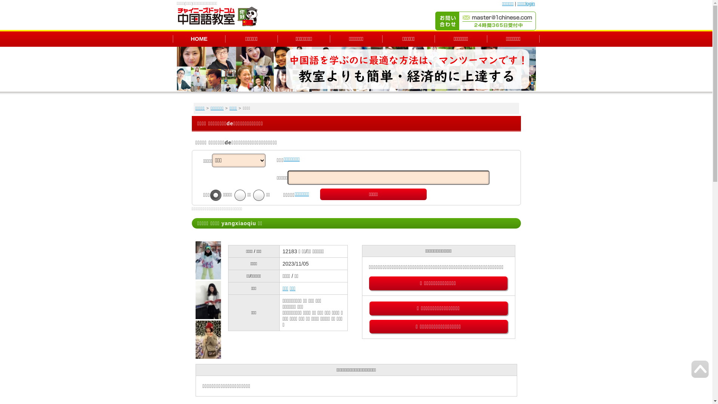 Image resolution: width=718 pixels, height=404 pixels. Describe the element at coordinates (199, 38) in the screenshot. I see `'HOME'` at that location.